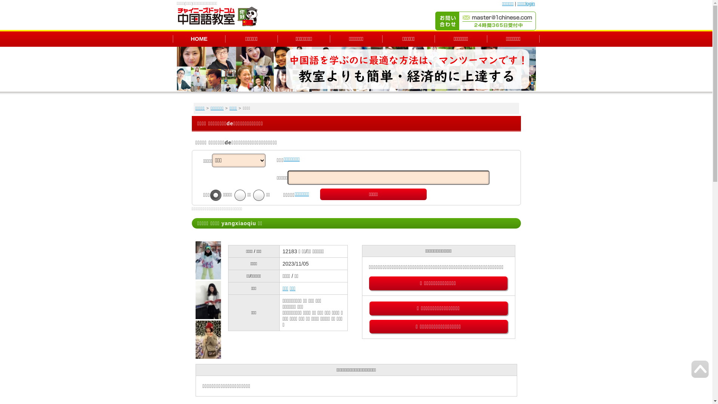 Image resolution: width=718 pixels, height=404 pixels. Describe the element at coordinates (199, 38) in the screenshot. I see `'HOME'` at that location.